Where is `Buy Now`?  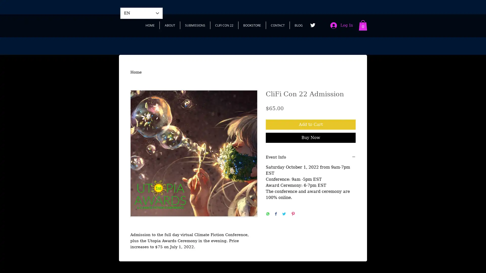 Buy Now is located at coordinates (310, 137).